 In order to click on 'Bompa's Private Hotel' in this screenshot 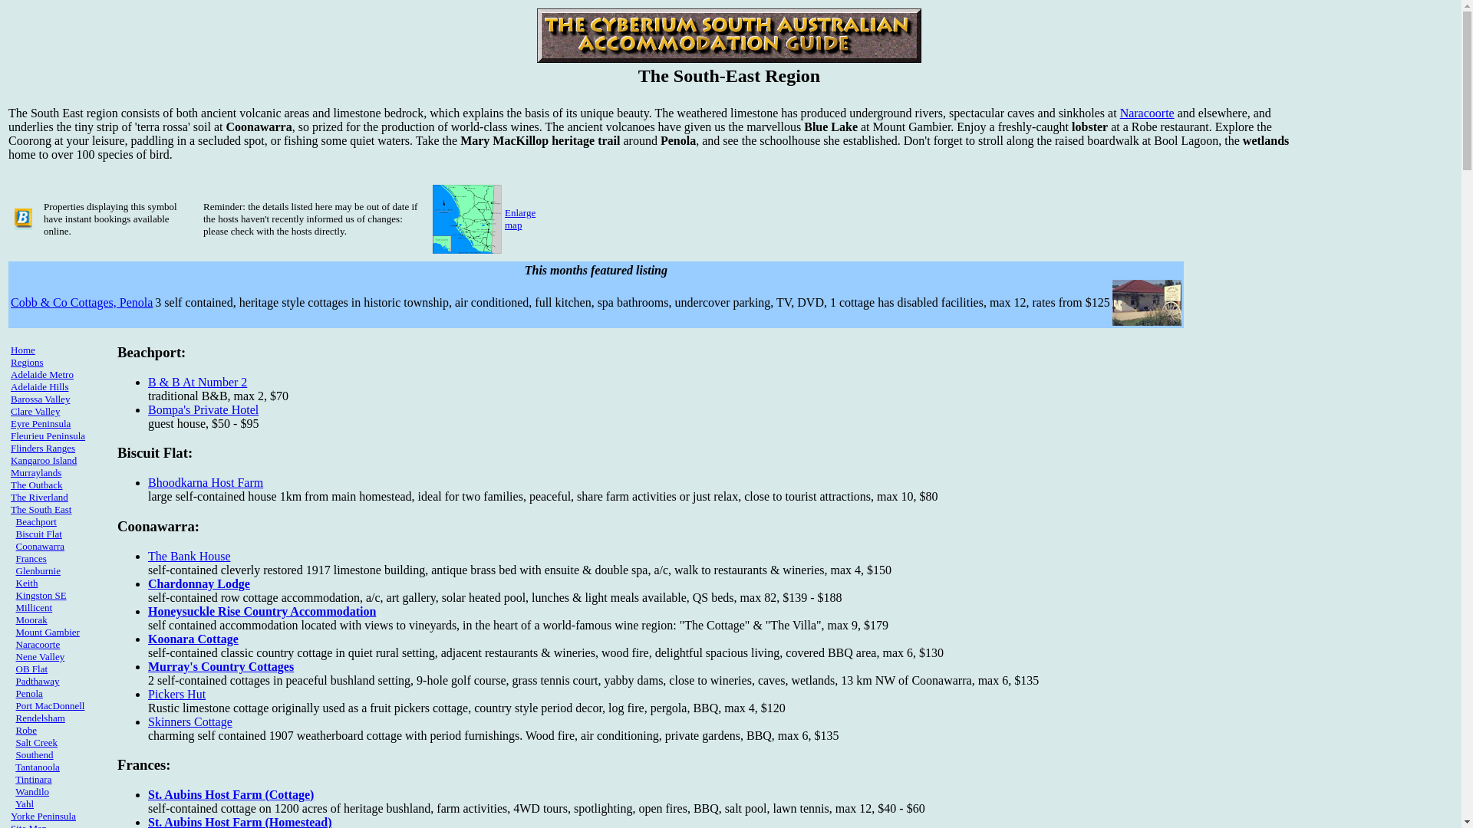, I will do `click(202, 409)`.